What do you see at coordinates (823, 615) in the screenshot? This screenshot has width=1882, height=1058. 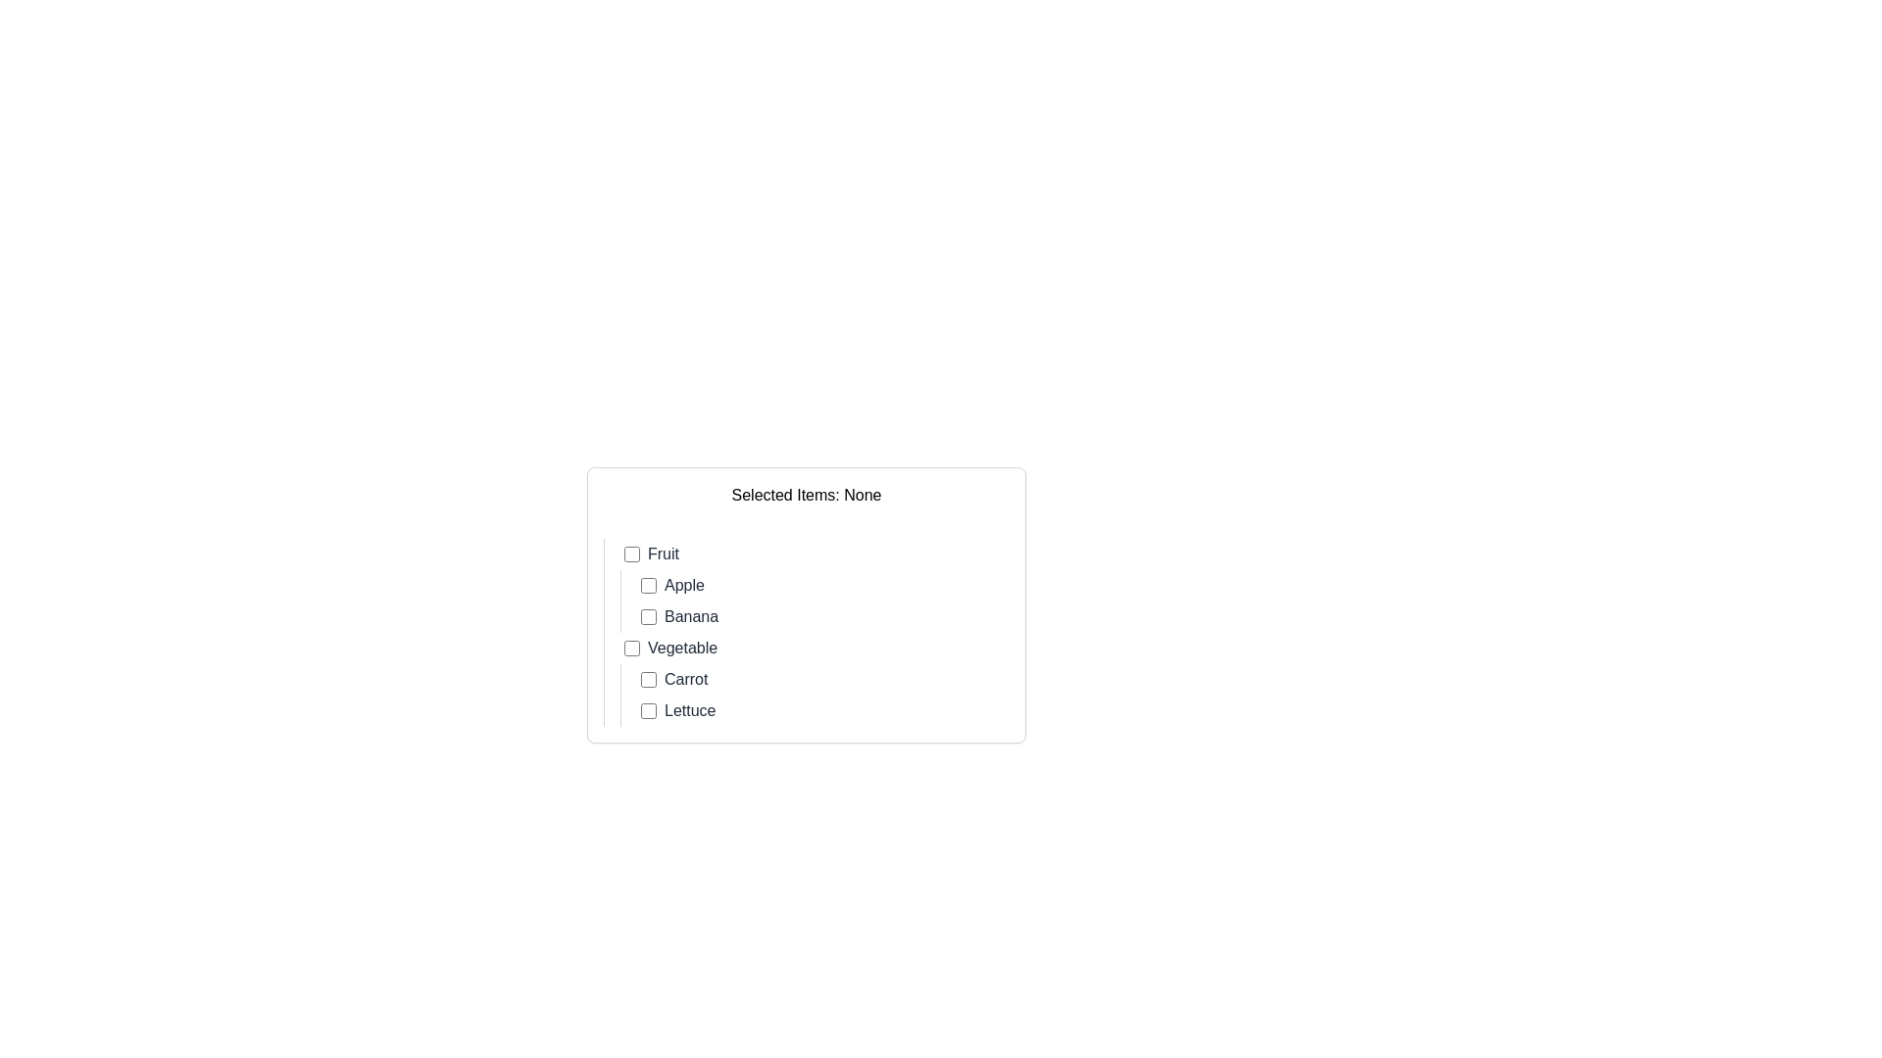 I see `the checkbox labeled 'Banana'` at bounding box center [823, 615].